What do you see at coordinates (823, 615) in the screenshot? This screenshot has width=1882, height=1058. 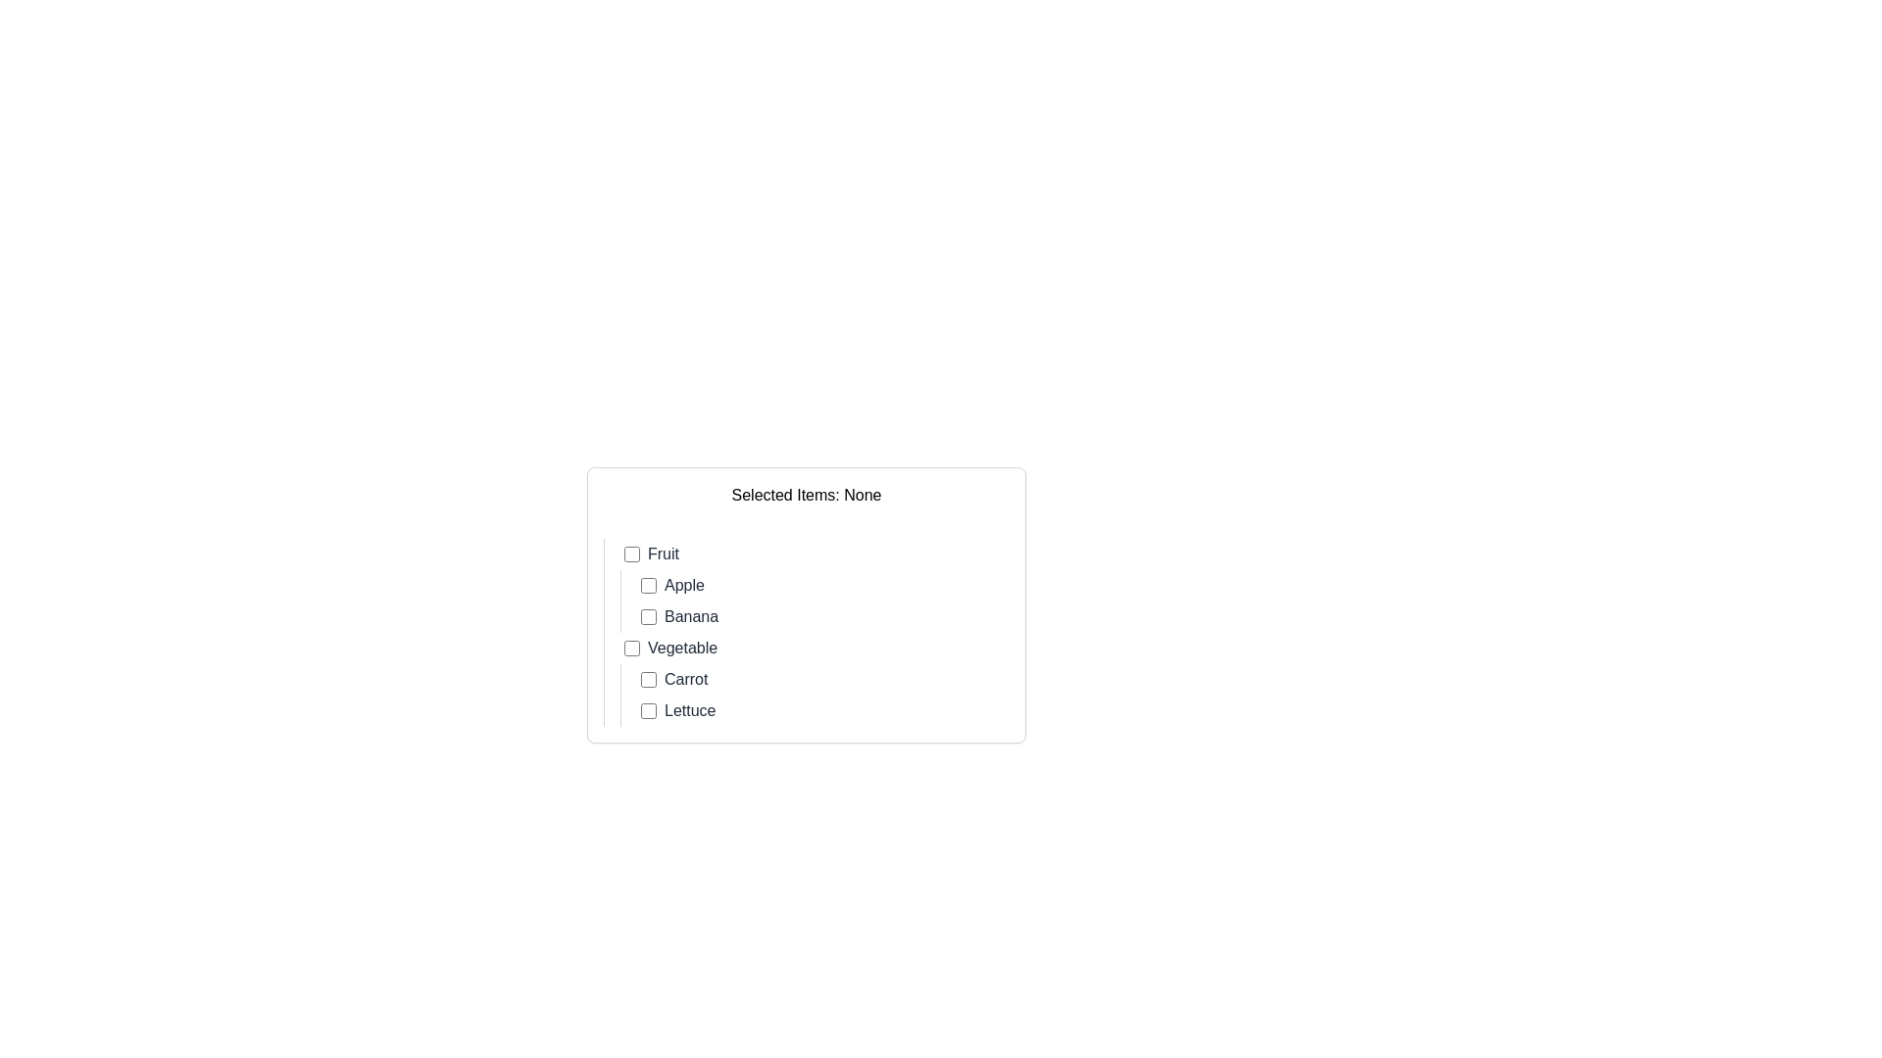 I see `the checkbox labeled 'Banana'` at bounding box center [823, 615].